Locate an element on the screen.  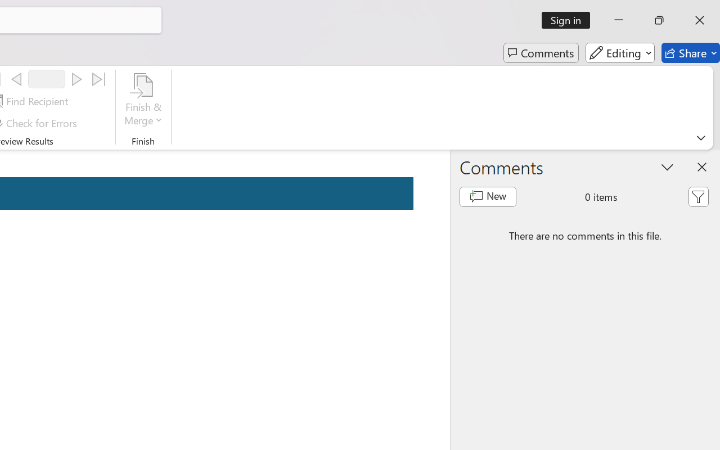
'Filter' is located at coordinates (697, 197).